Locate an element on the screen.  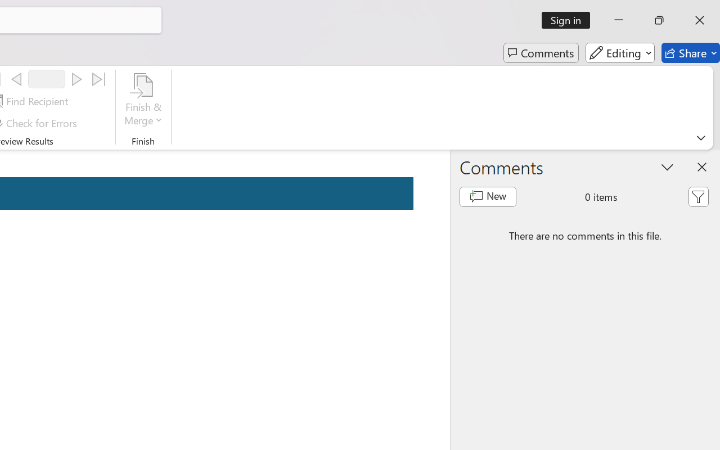
'Filter' is located at coordinates (697, 197).